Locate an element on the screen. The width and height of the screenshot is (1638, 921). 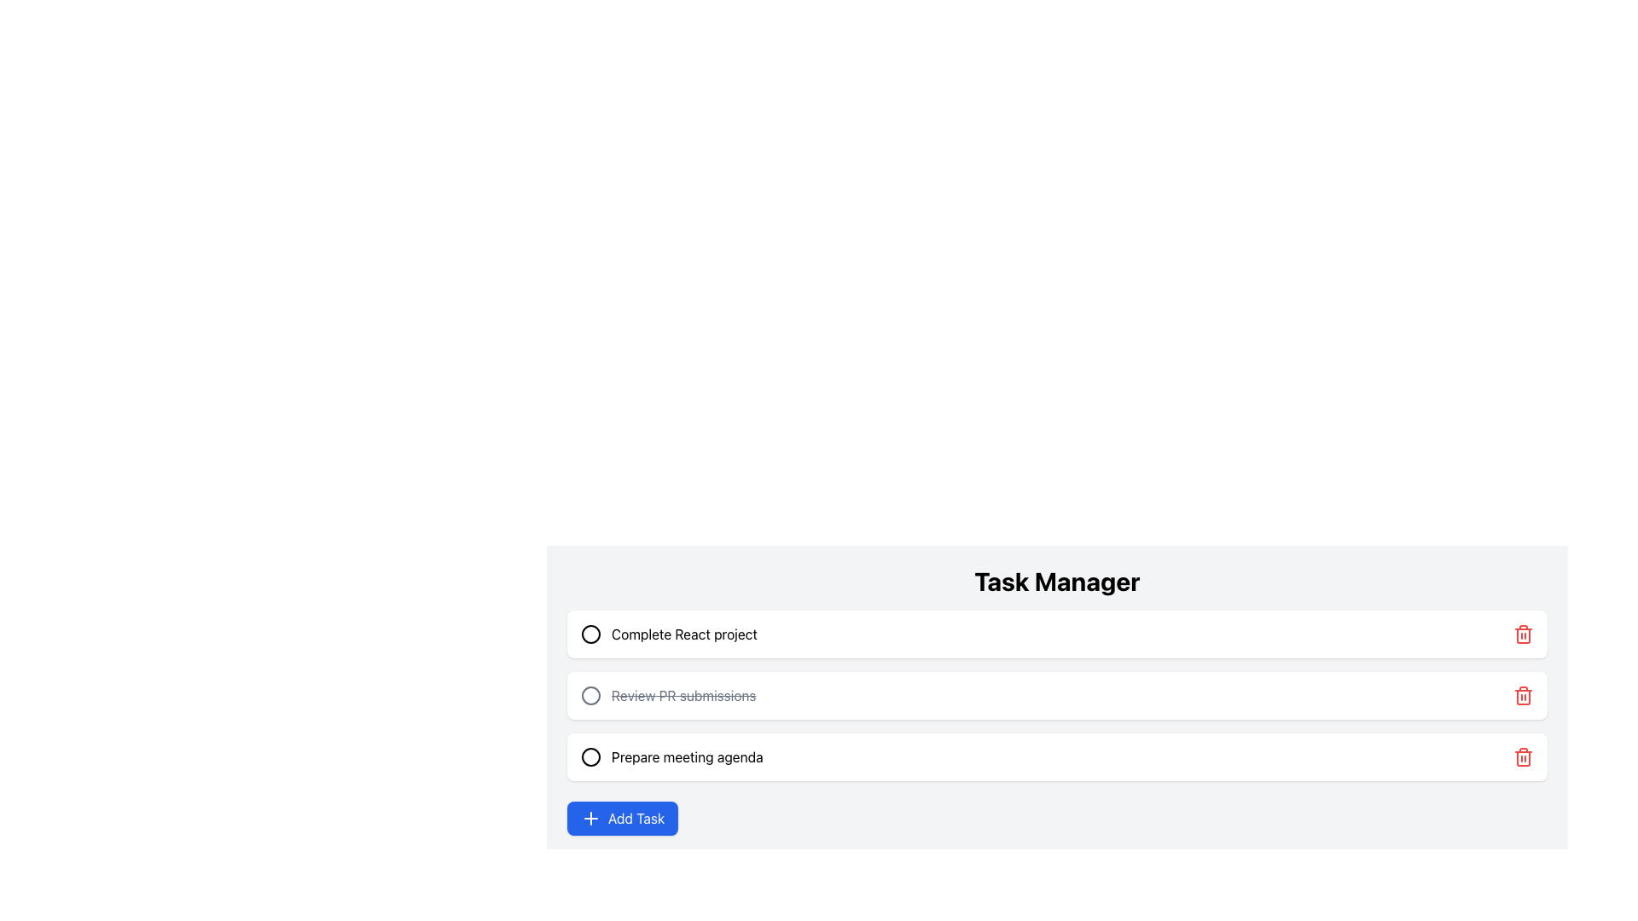
the task label located beneath the 'Task Manager' header is located at coordinates (668, 634).